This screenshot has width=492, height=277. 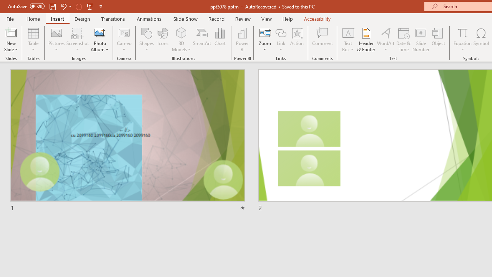 I want to click on 'WordArt', so click(x=386, y=40).